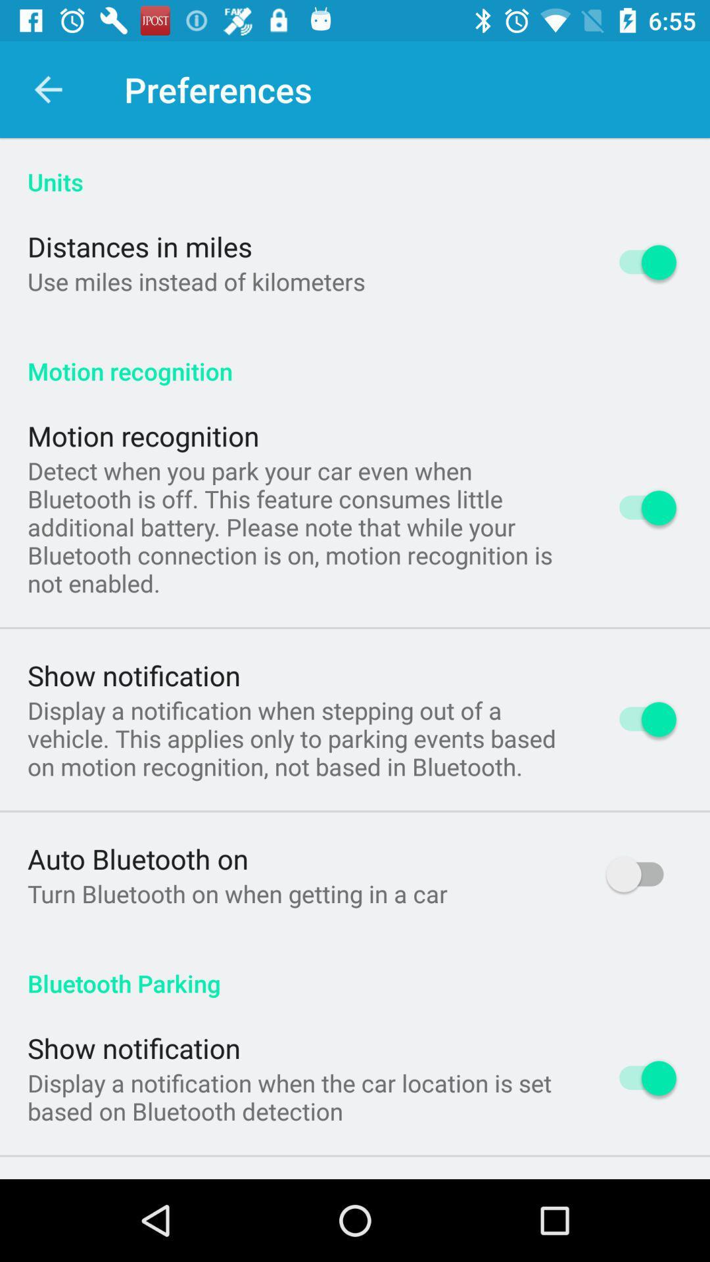  What do you see at coordinates (47, 89) in the screenshot?
I see `item to the left of preferences icon` at bounding box center [47, 89].